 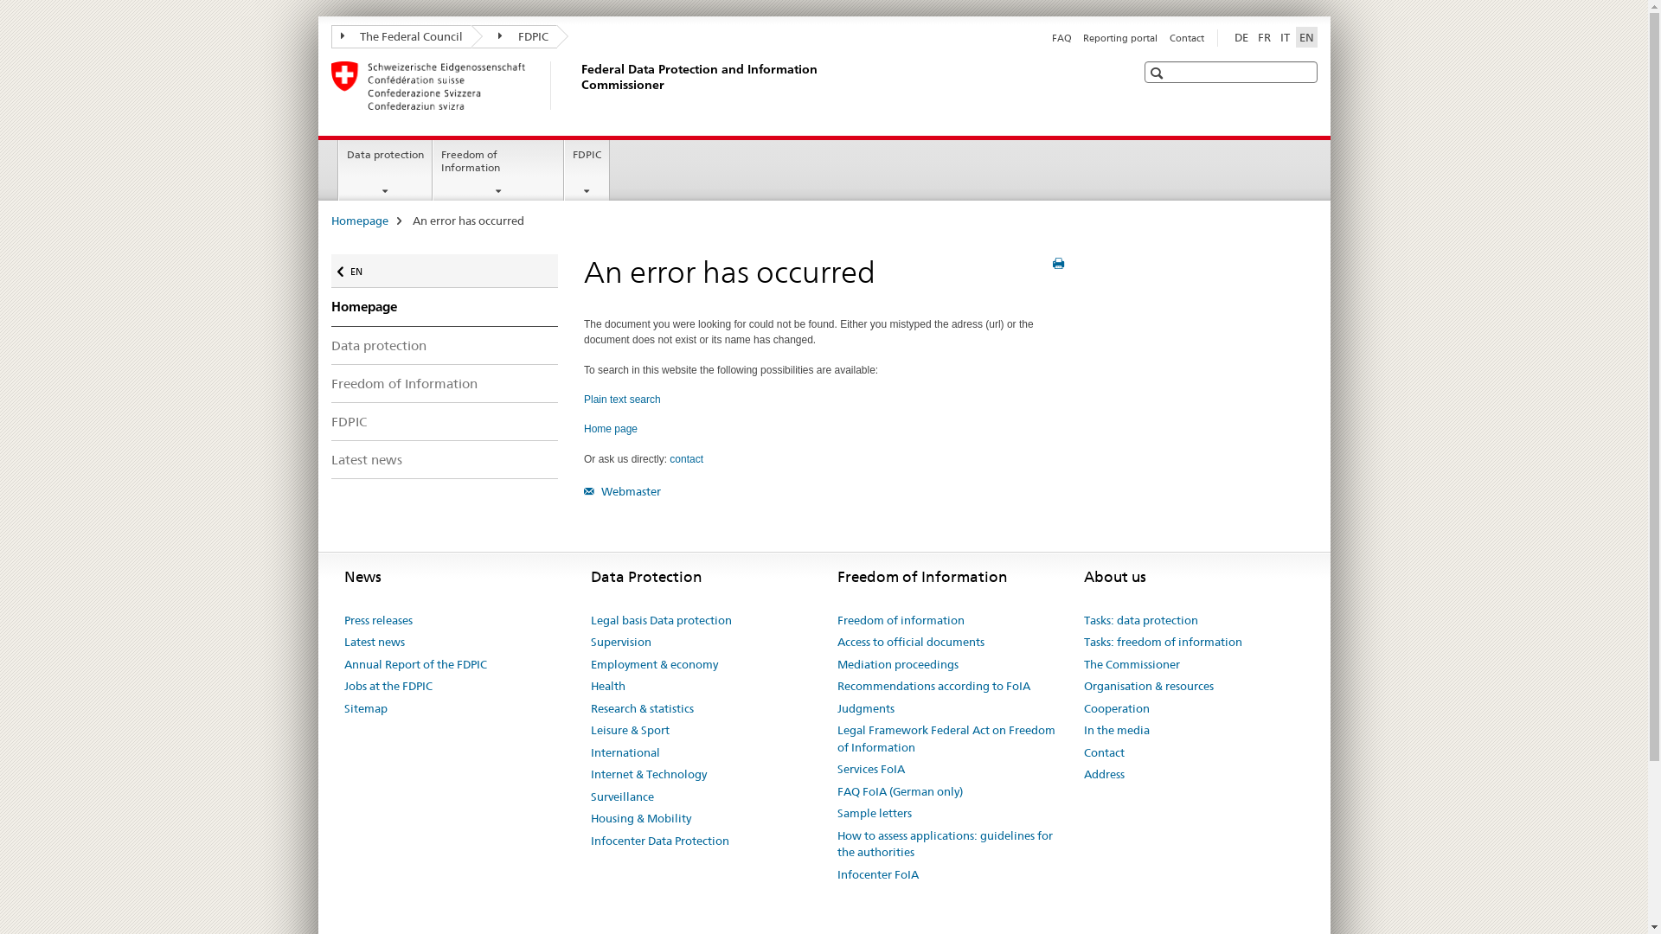 What do you see at coordinates (621, 796) in the screenshot?
I see `'Surveillance'` at bounding box center [621, 796].